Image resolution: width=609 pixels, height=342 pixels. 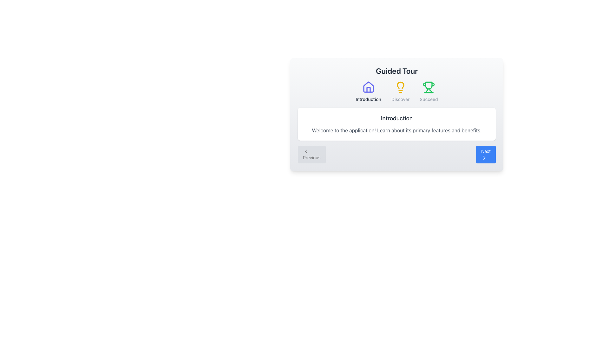 What do you see at coordinates (368, 99) in the screenshot?
I see `the 'Introduction' text label, which is styled with a medium-sized font and located below a house-shaped icon in the guided tour interface` at bounding box center [368, 99].